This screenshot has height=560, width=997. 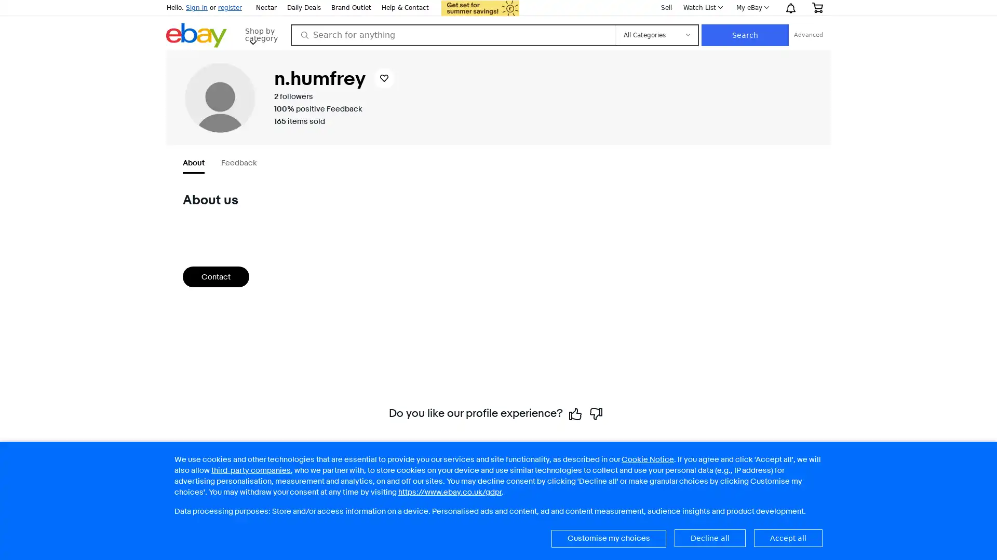 I want to click on Search, so click(x=816, y=35).